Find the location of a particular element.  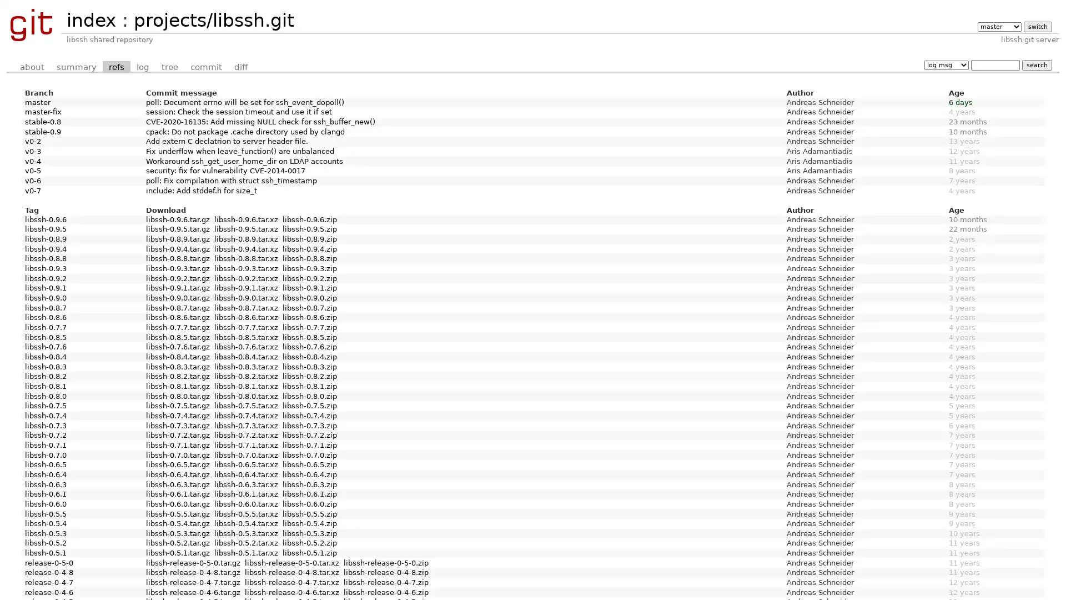

search is located at coordinates (1036, 64).